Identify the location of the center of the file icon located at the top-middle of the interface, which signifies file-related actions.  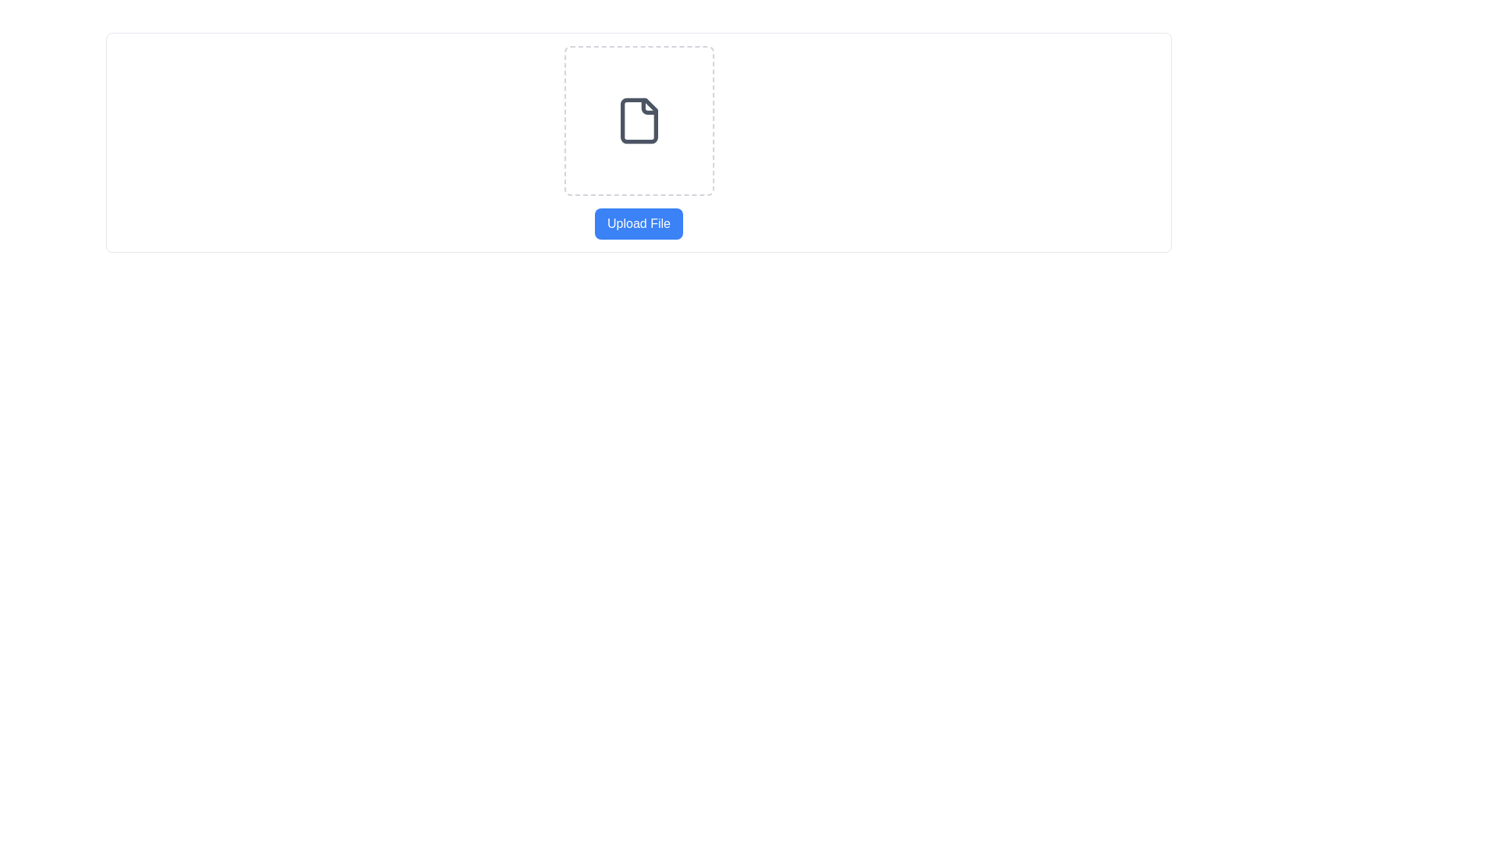
(639, 119).